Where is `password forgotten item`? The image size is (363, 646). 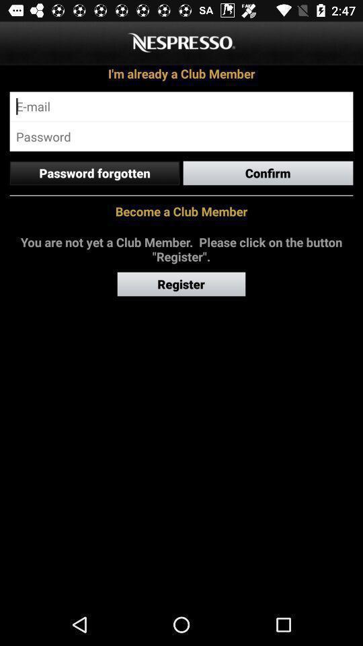
password forgotten item is located at coordinates (93, 172).